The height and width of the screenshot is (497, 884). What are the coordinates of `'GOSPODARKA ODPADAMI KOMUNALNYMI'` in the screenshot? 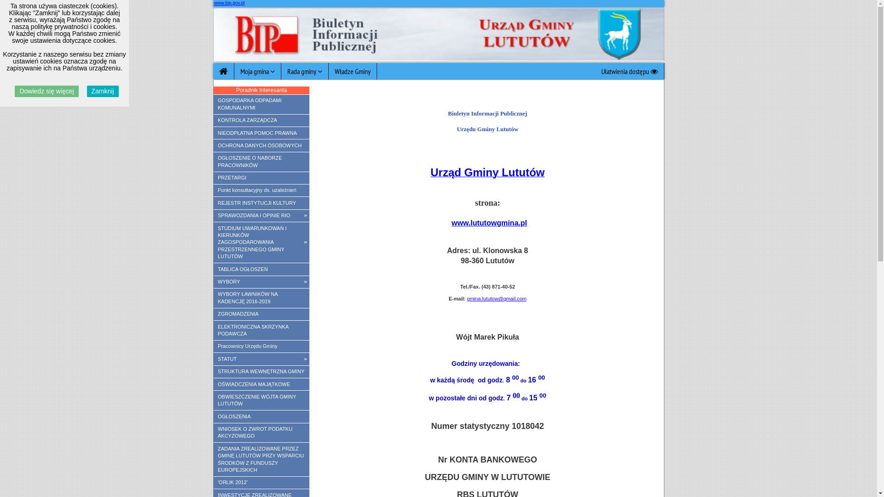 It's located at (261, 104).